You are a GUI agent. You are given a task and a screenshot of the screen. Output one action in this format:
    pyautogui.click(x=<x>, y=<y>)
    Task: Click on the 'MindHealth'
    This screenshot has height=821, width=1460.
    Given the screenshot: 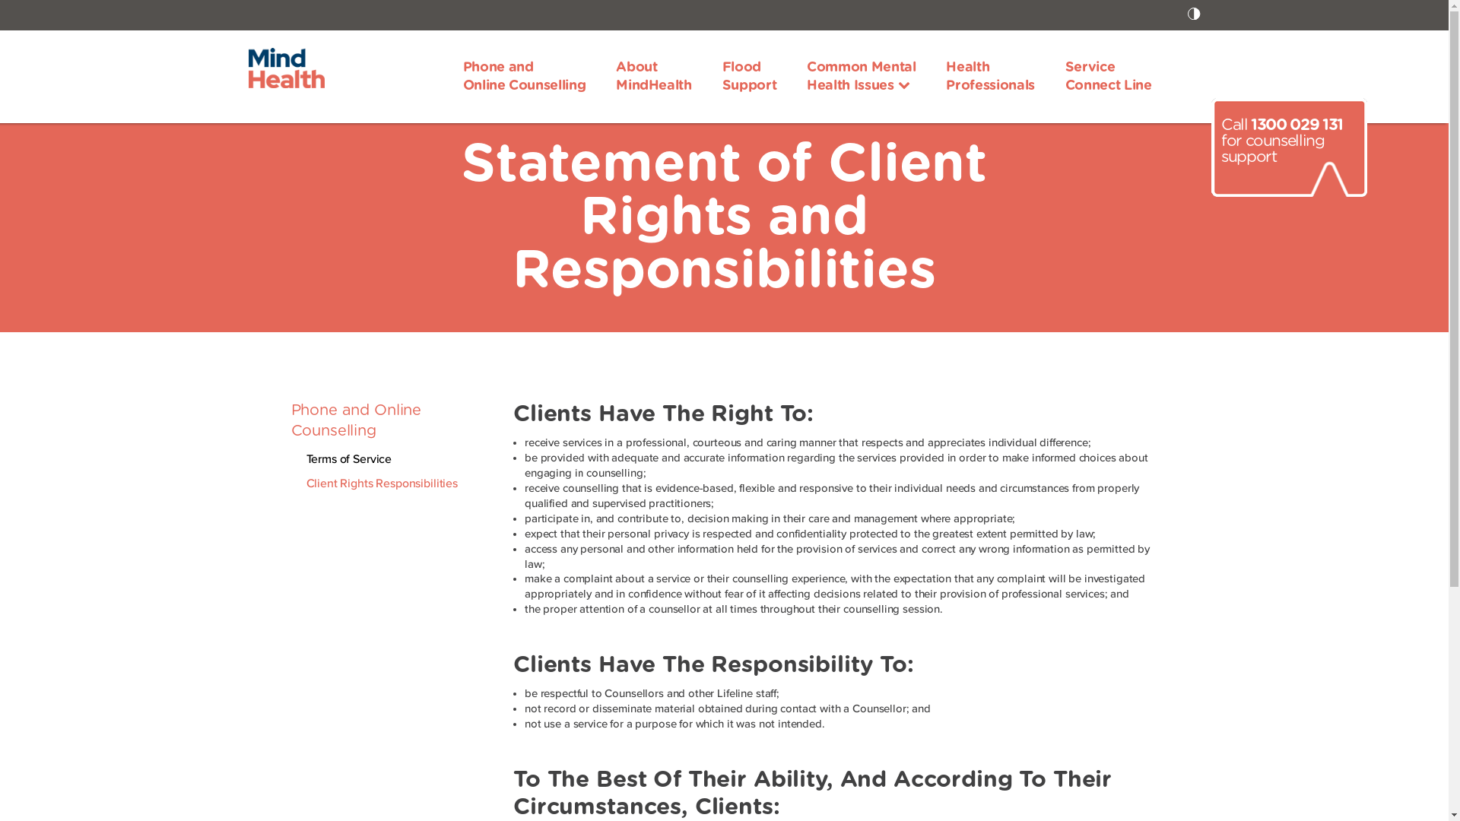 What is the action you would take?
    pyautogui.click(x=285, y=66)
    